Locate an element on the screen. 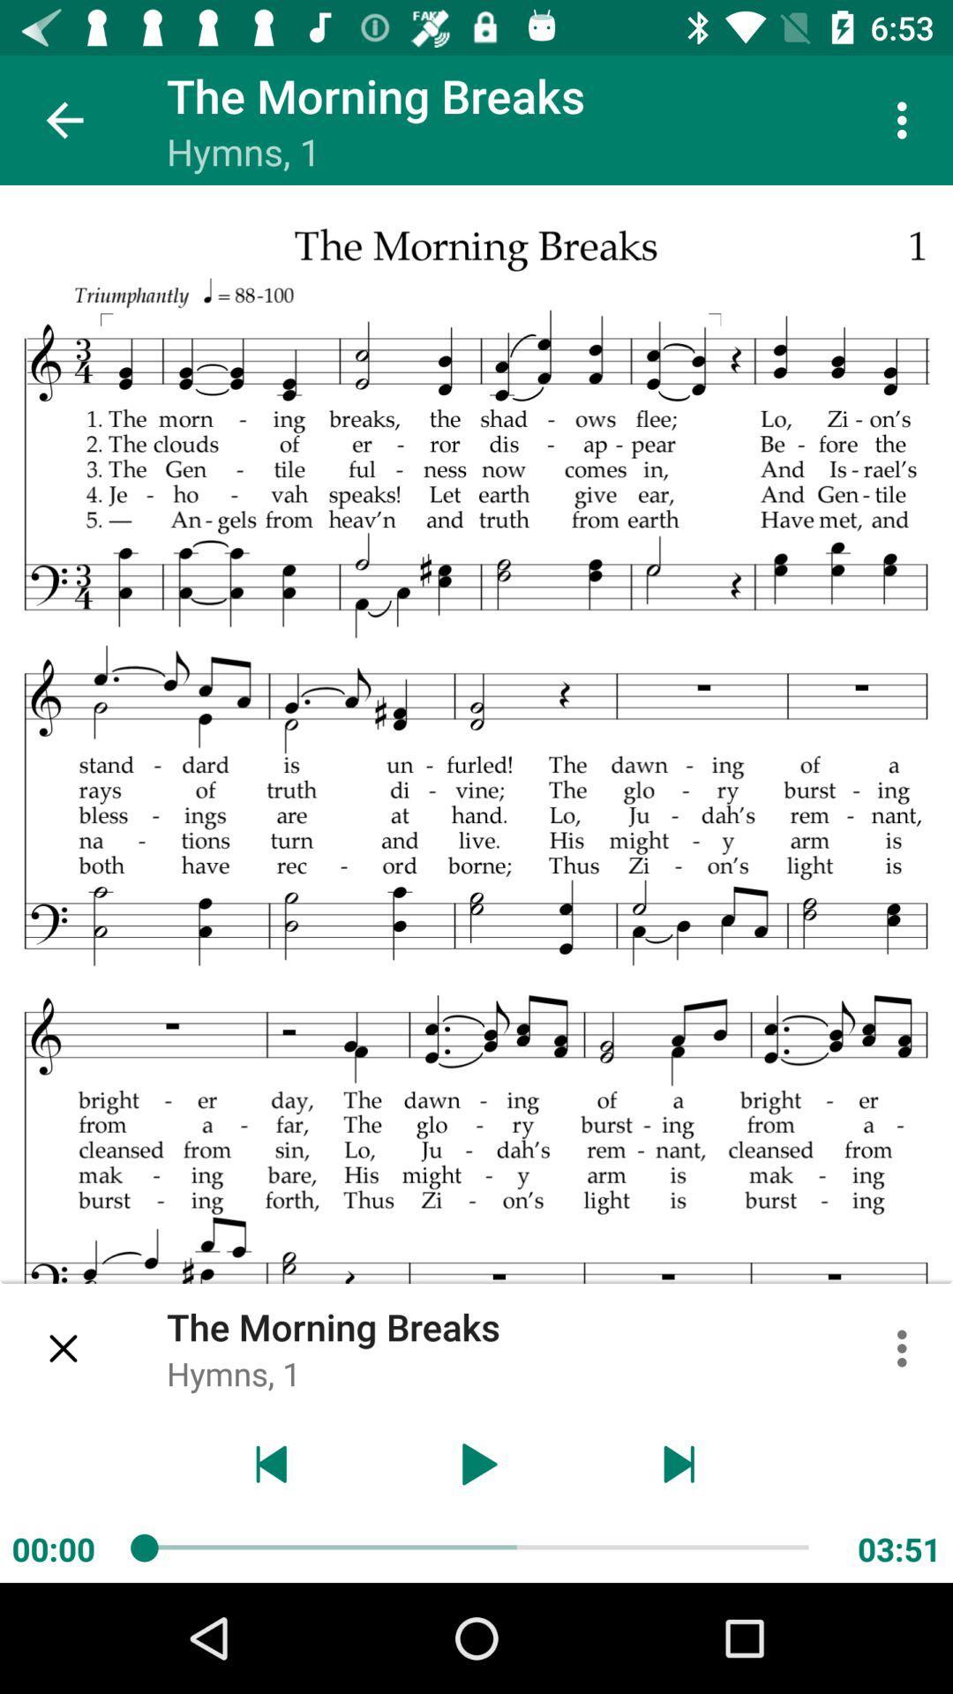 This screenshot has width=953, height=1694. icon next to the morning breaks icon is located at coordinates (64, 119).